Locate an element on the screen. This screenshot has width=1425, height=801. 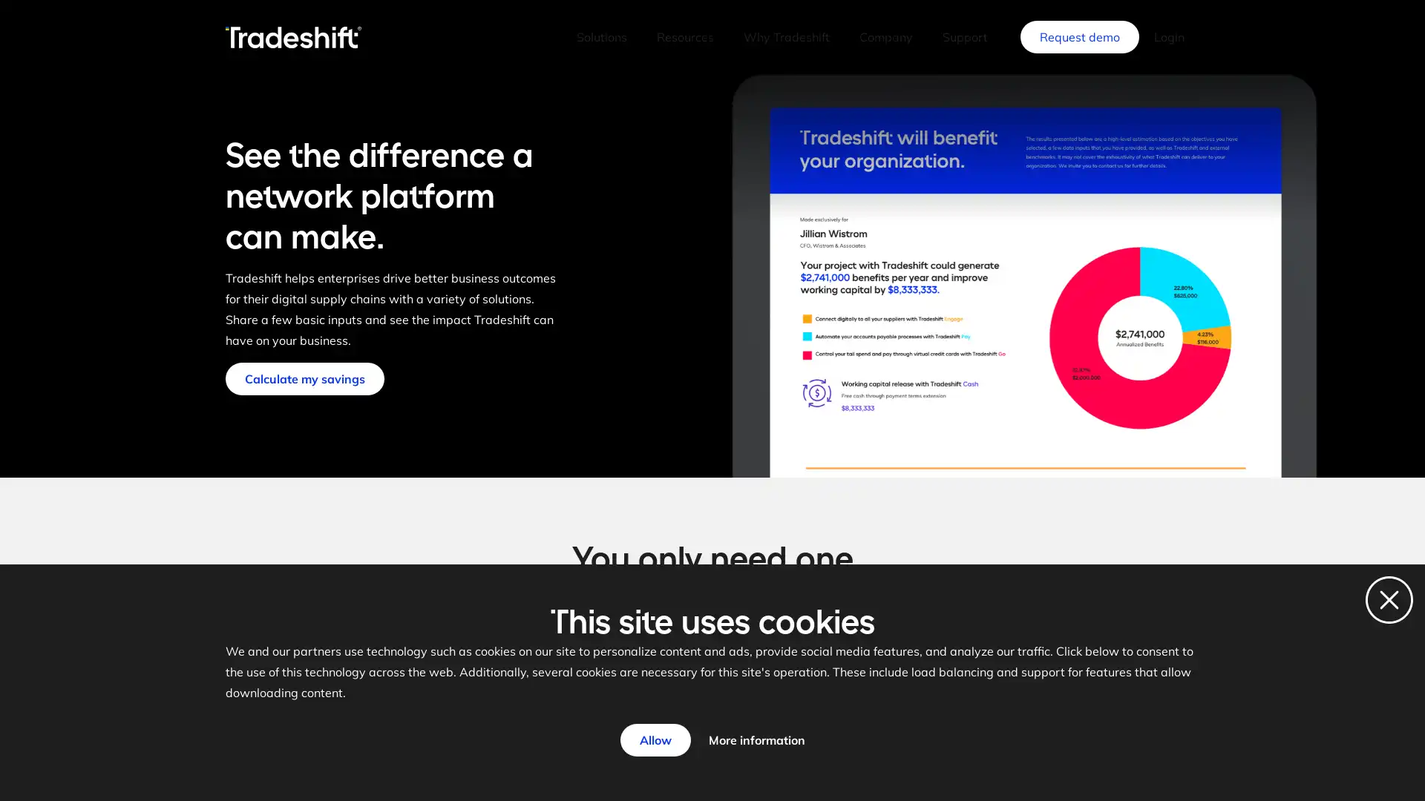
Allow is located at coordinates (654, 740).